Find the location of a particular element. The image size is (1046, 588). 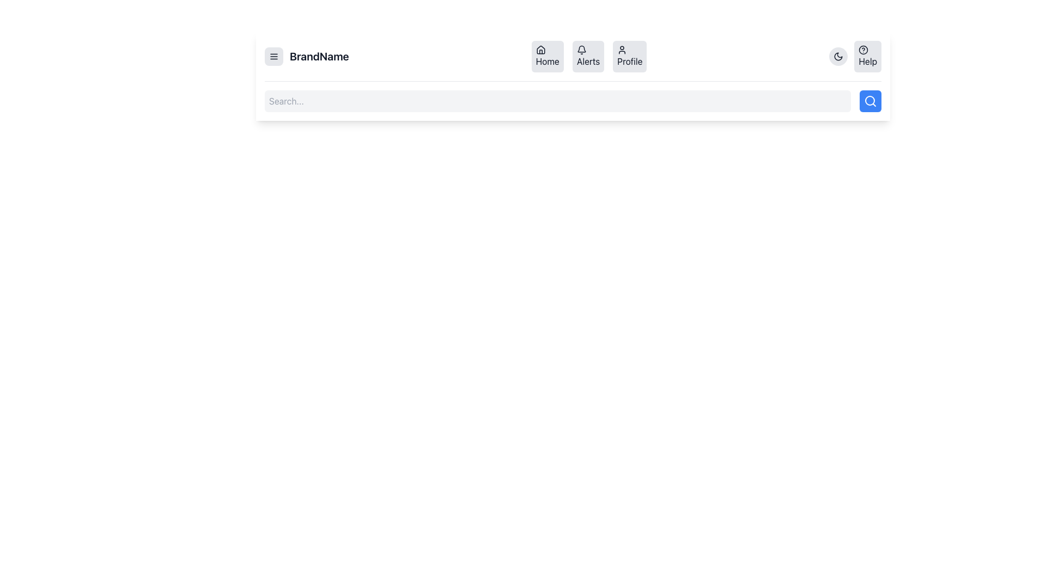

the search icon, which is represented by a magnifying glass graphic on a blue rounded rectangular button located at the far right of the navigation bar, to initiate search is located at coordinates (870, 101).